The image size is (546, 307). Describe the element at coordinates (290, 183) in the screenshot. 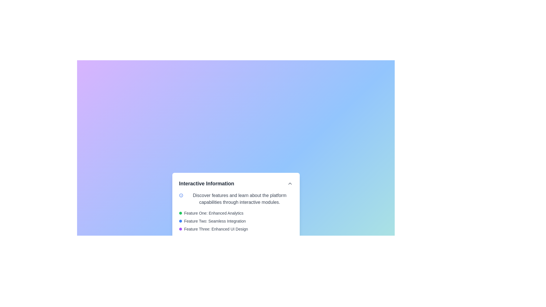

I see `the upward-pointing chevron icon located at the far right of the 'Interactive Information' section` at that location.